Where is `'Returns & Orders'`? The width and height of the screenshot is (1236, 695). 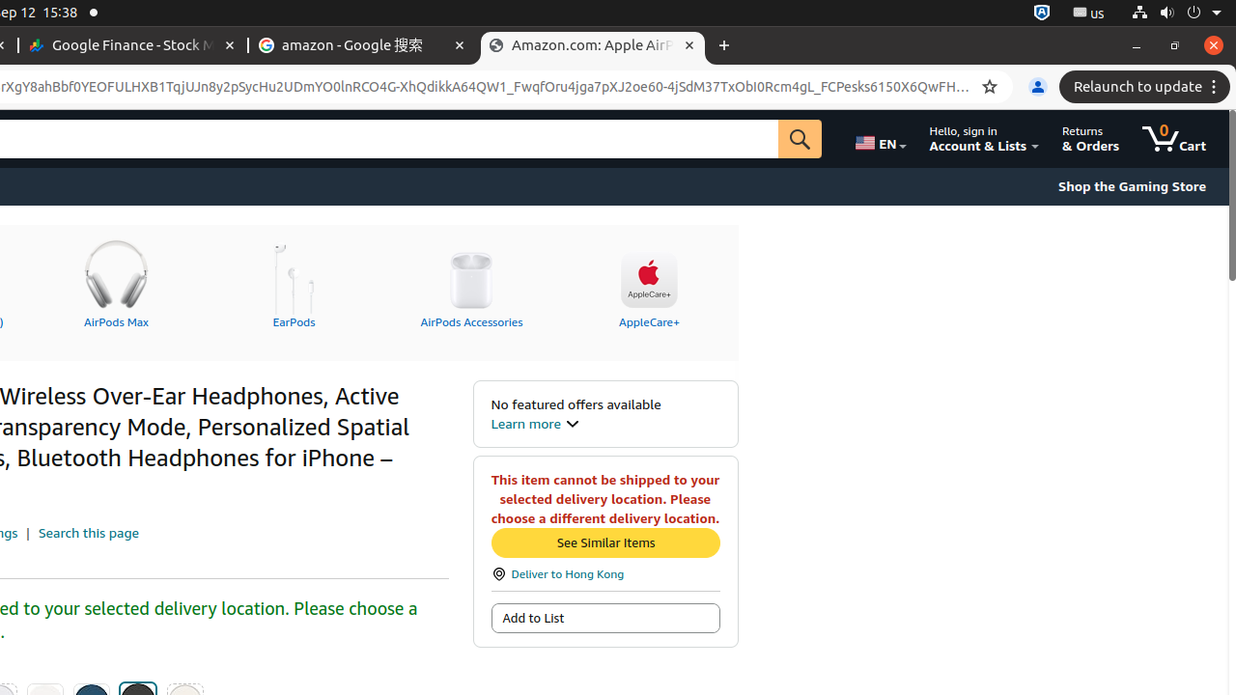
'Returns & Orders' is located at coordinates (1090, 138).